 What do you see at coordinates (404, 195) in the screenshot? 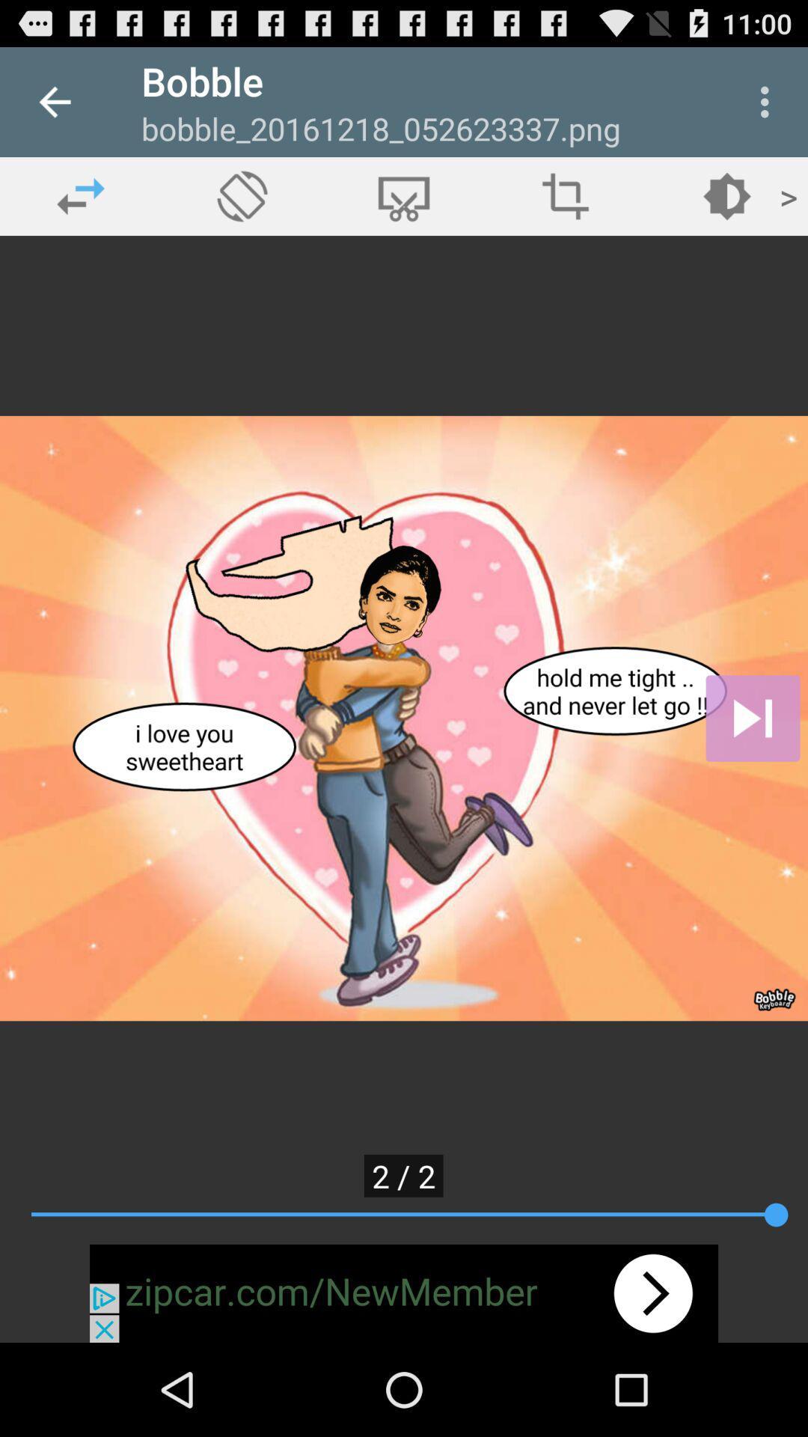
I see `edit picture` at bounding box center [404, 195].